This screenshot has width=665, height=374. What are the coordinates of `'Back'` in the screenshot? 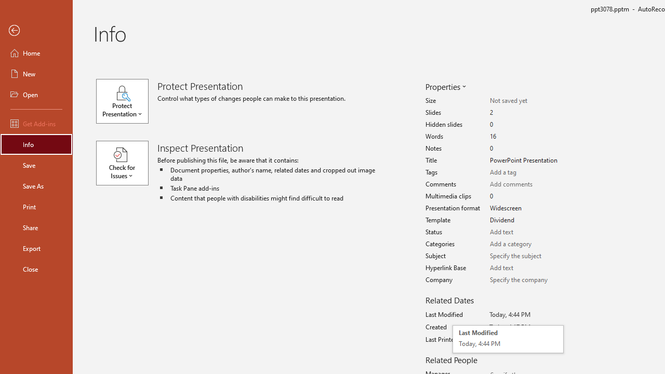 It's located at (36, 30).